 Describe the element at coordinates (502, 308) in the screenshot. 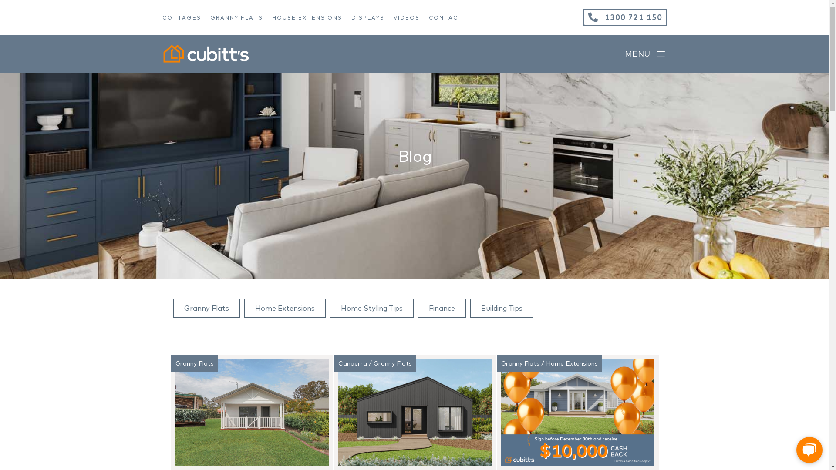

I see `'Building Tips'` at that location.